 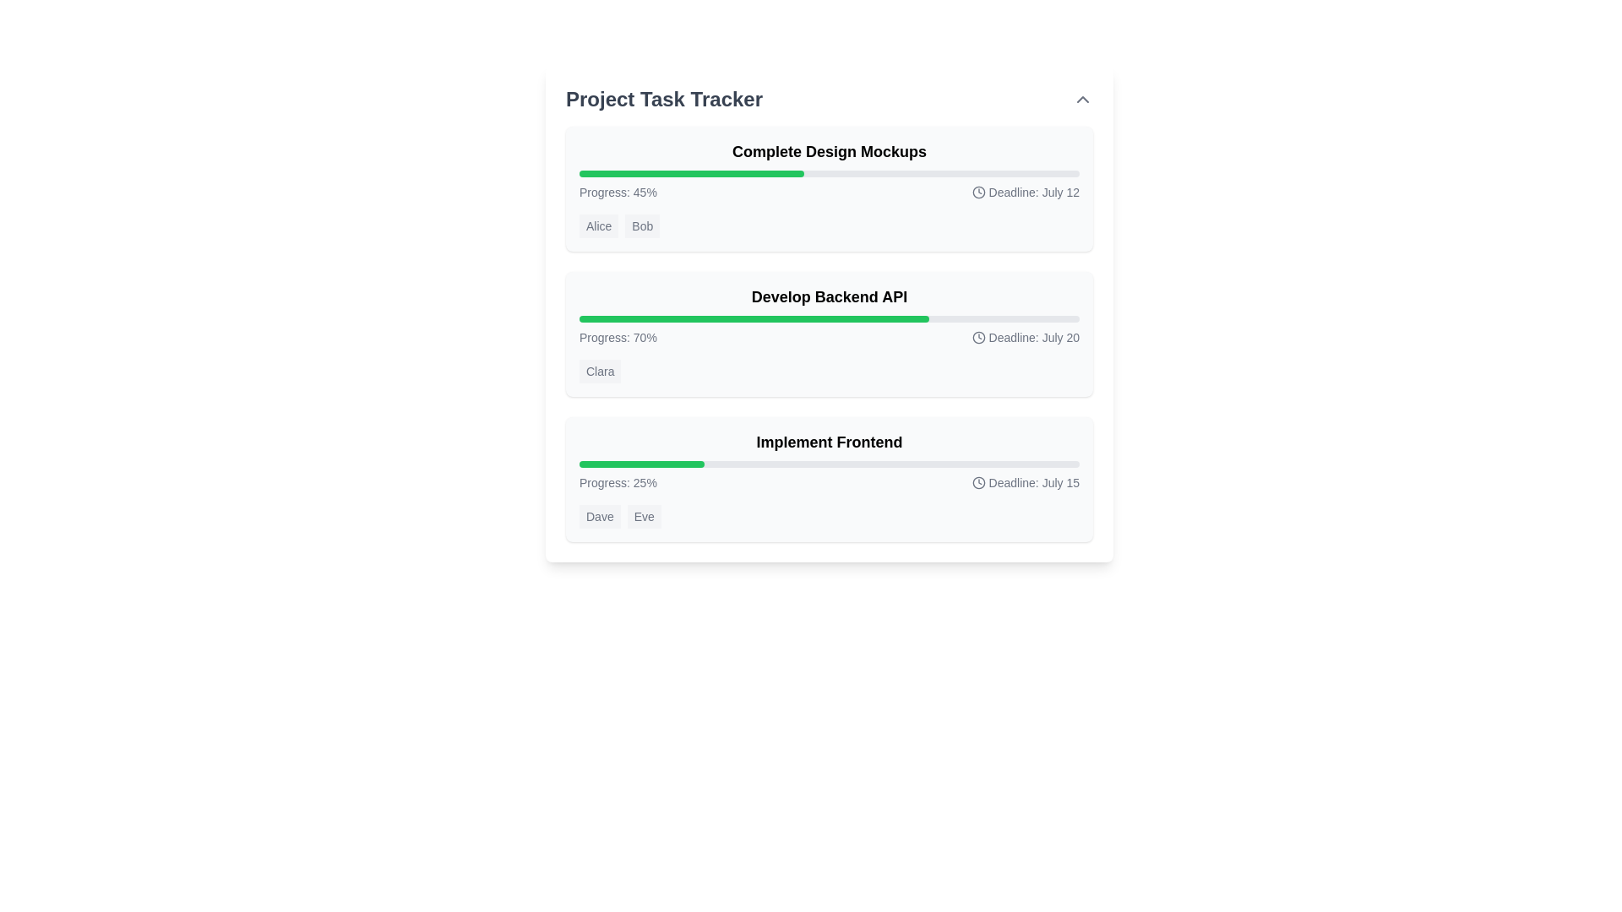 What do you see at coordinates (692, 173) in the screenshot?
I see `the progress bar representing 45% completion of the task labeled 'Complete Design Mockups'` at bounding box center [692, 173].